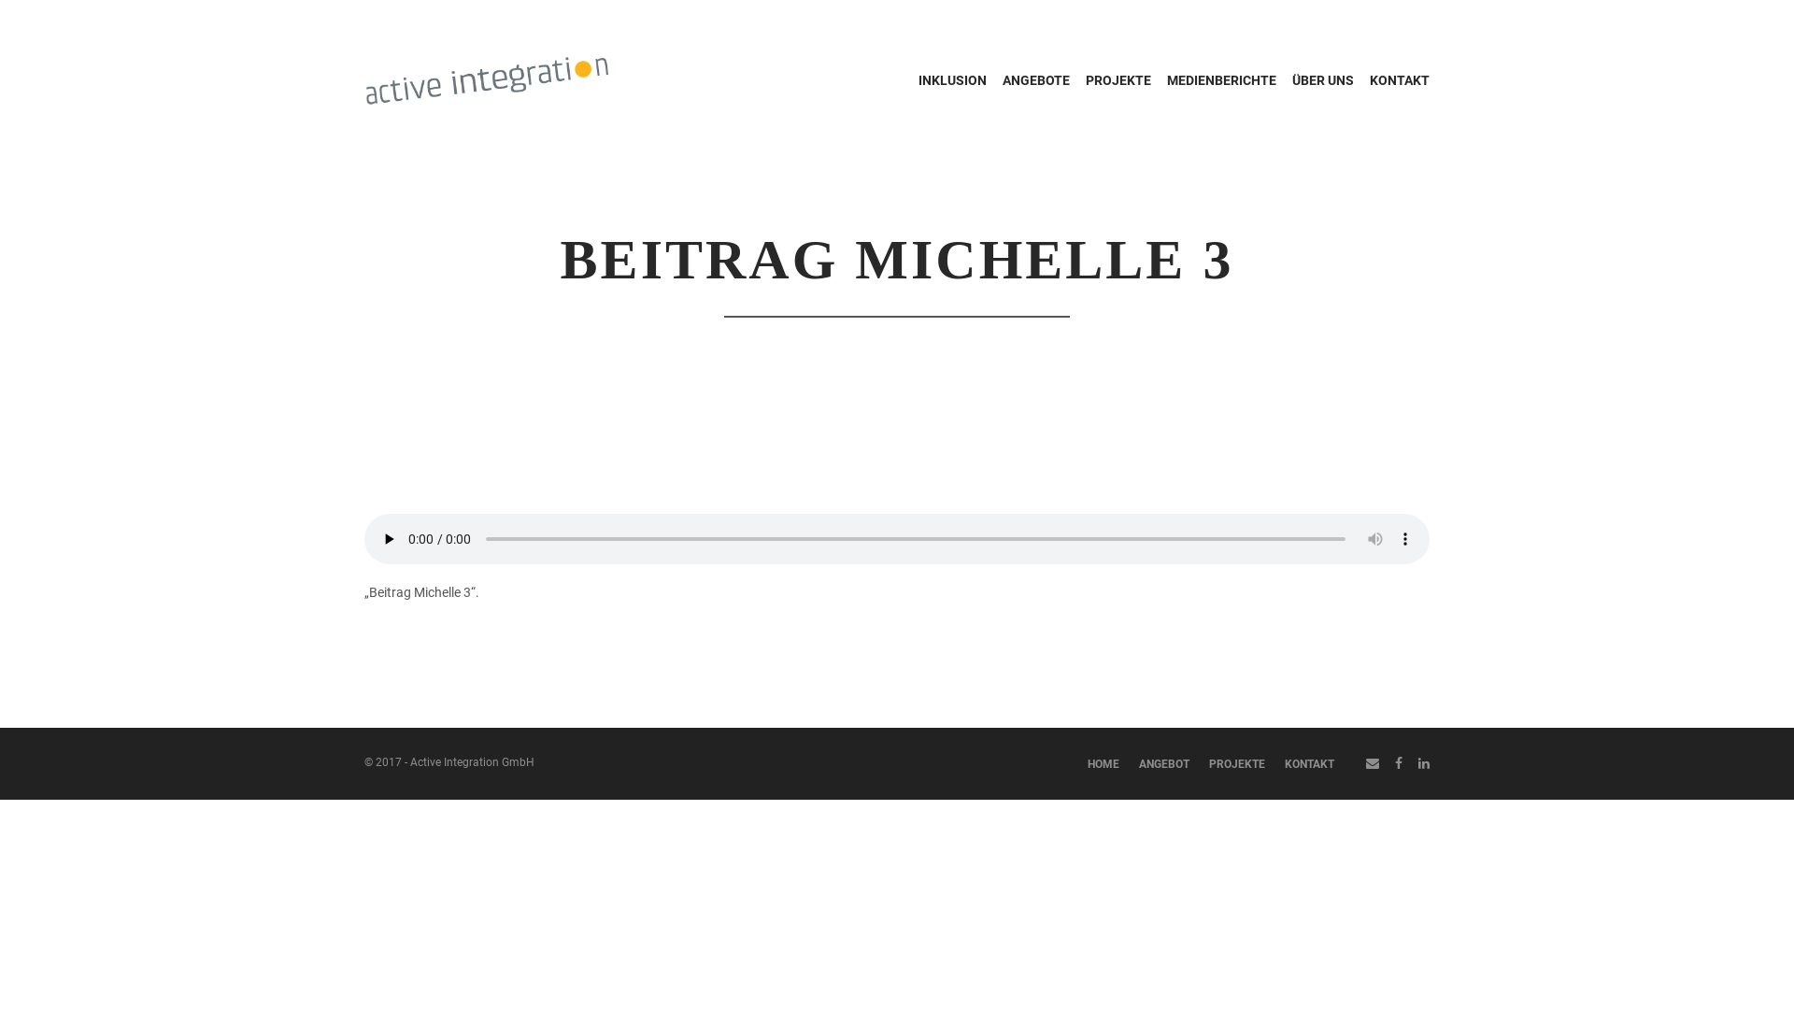  Describe the element at coordinates (1103, 763) in the screenshot. I see `'HOME'` at that location.